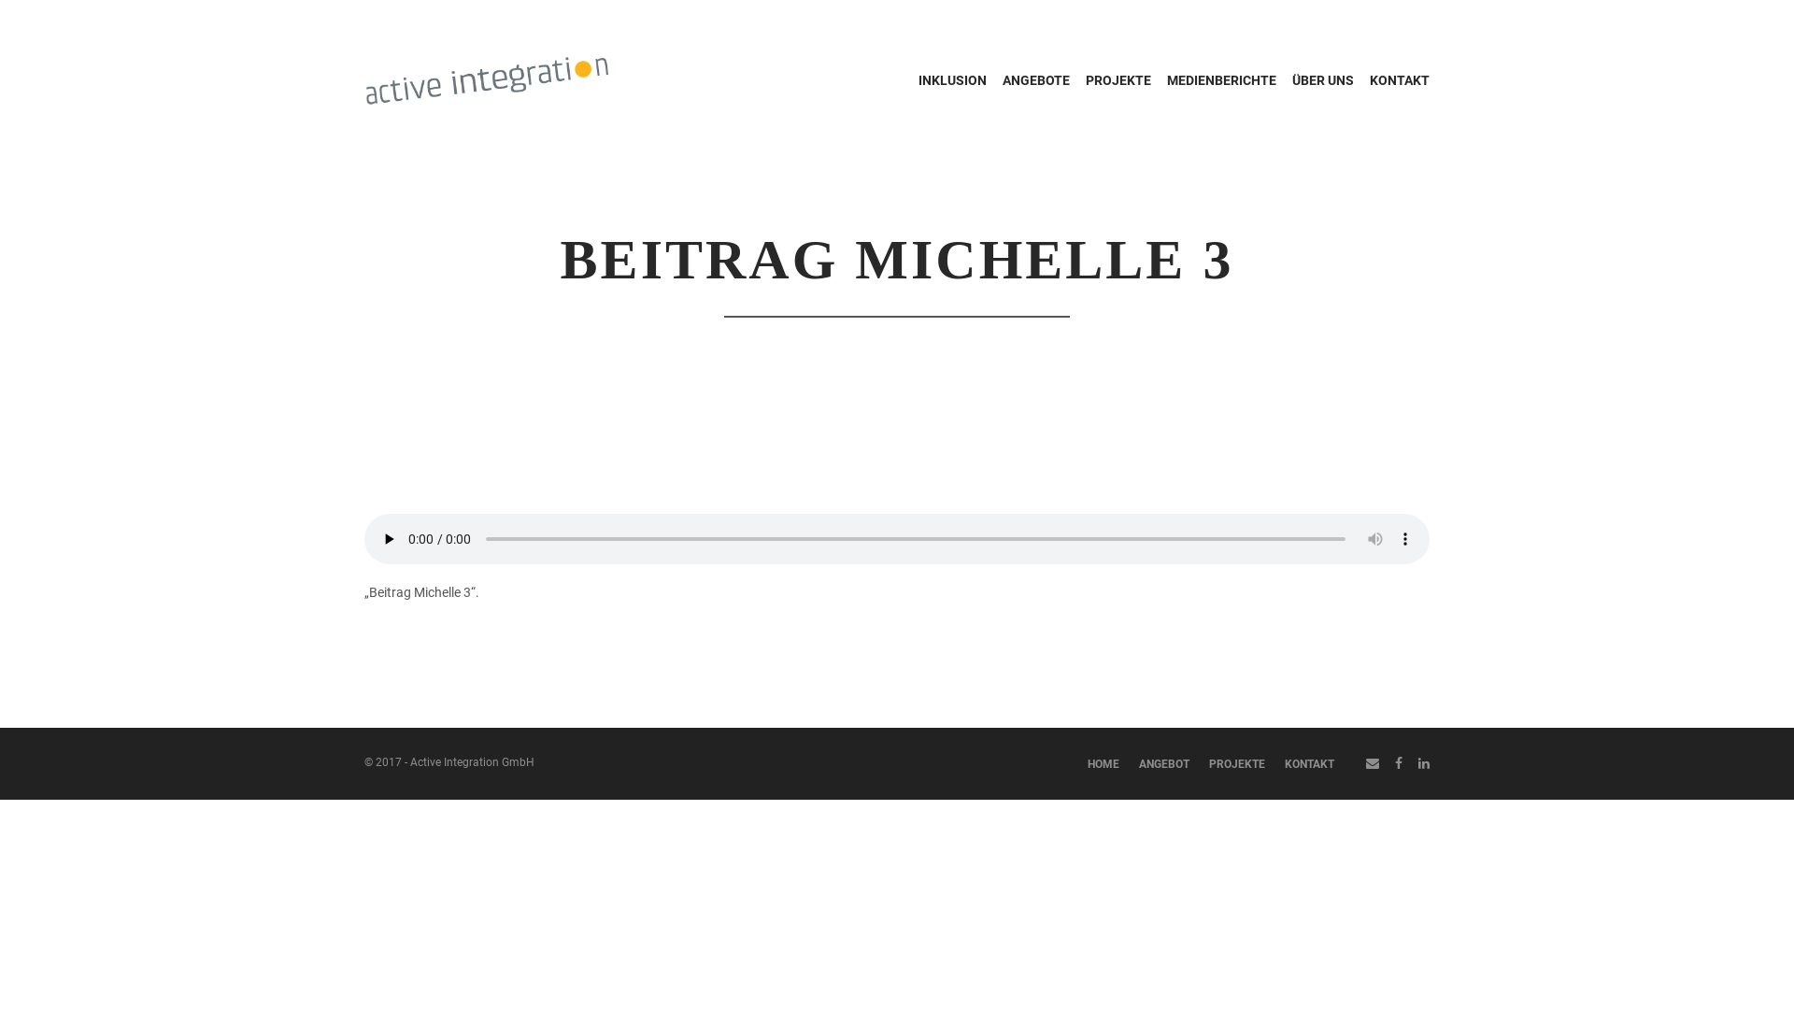  Describe the element at coordinates (1103, 763) in the screenshot. I see `'HOME'` at that location.